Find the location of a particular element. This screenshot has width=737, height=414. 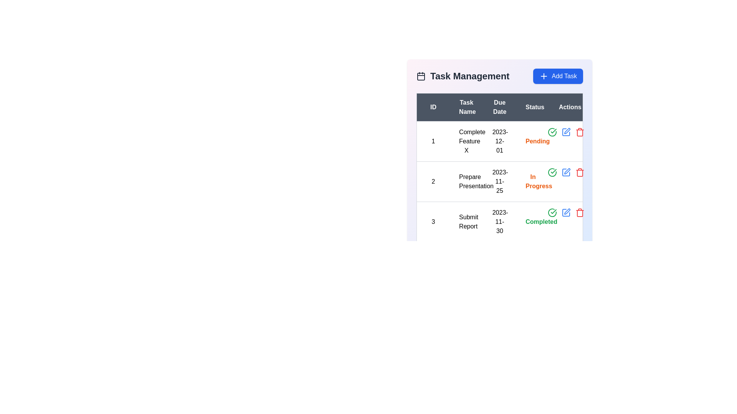

the green circle icon with a checkmark in the 'Actions' column of the third row of the 'Task Management' table is located at coordinates (552, 213).